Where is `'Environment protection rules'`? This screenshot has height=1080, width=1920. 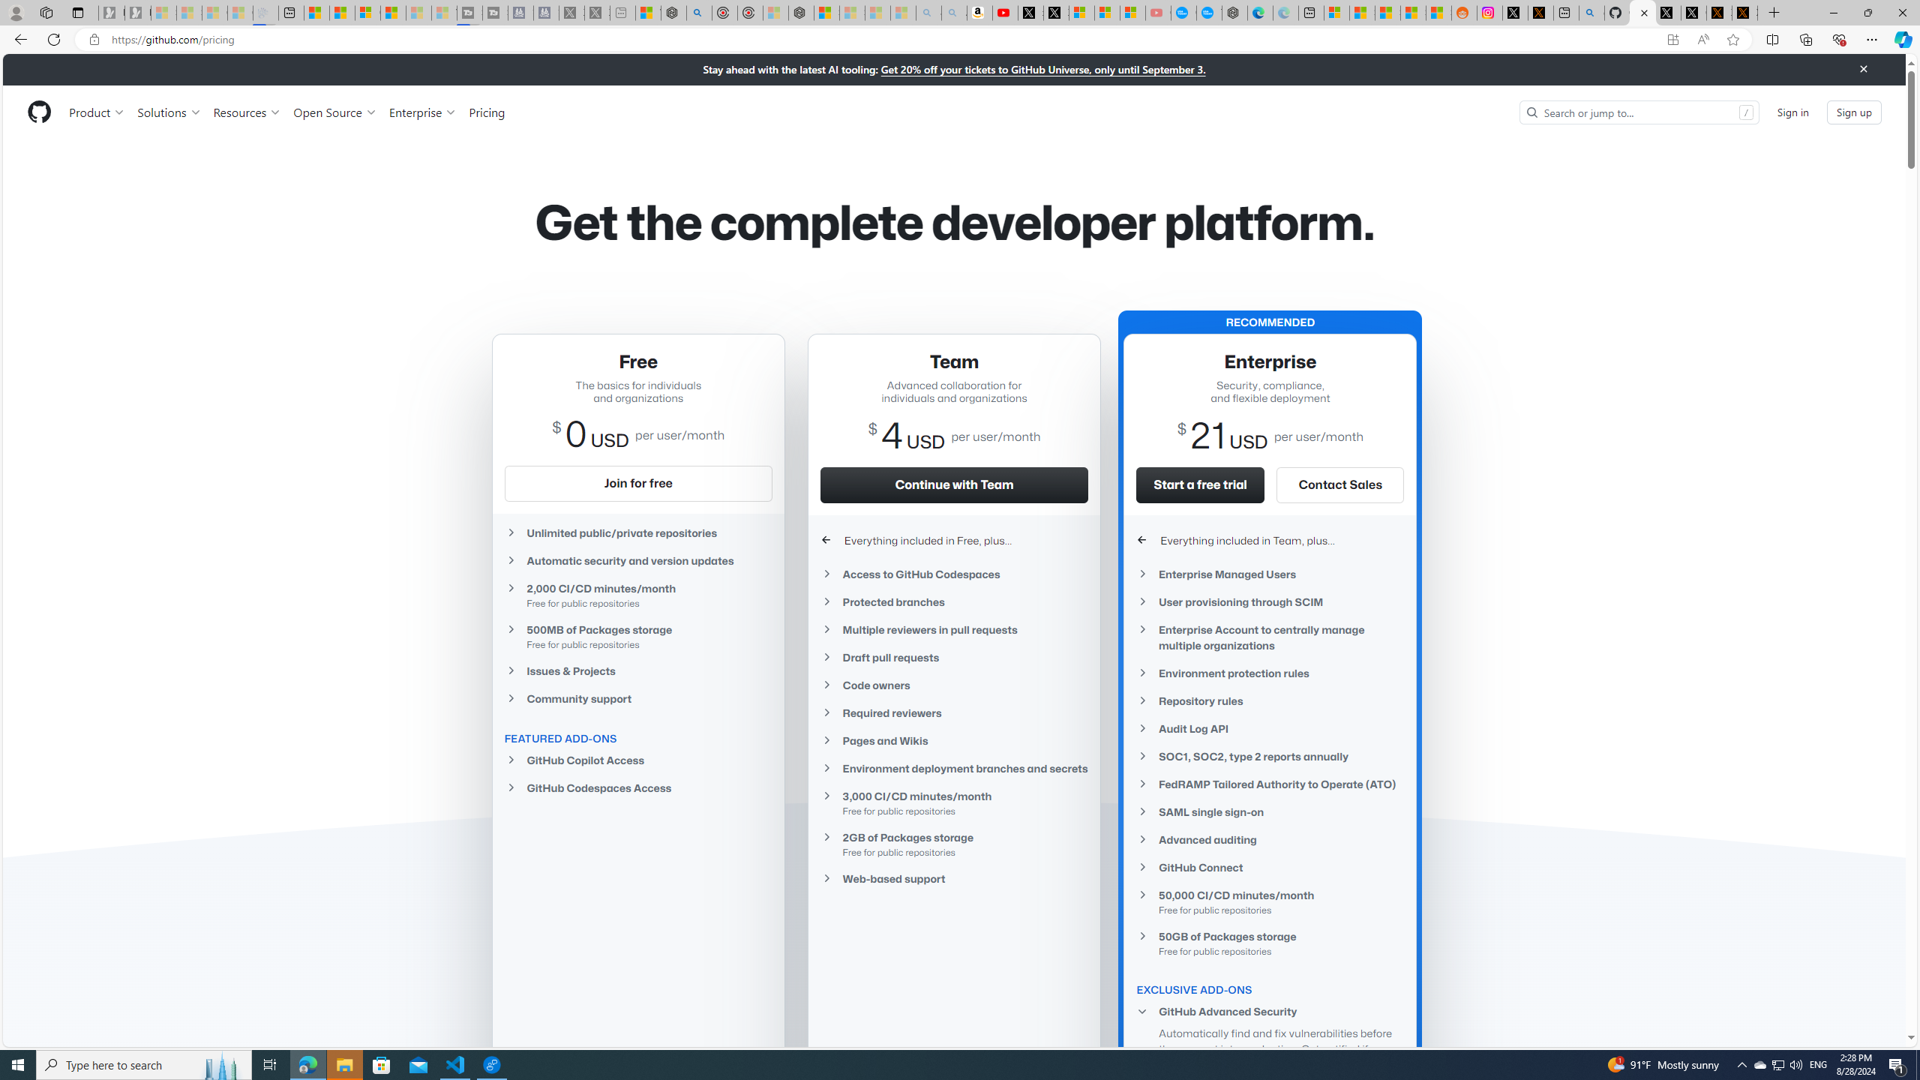
'Environment protection rules' is located at coordinates (1270, 672).